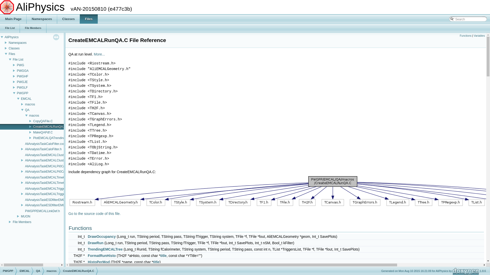 The width and height of the screenshot is (490, 275). I want to click on 'PWGPP', so click(16, 93).